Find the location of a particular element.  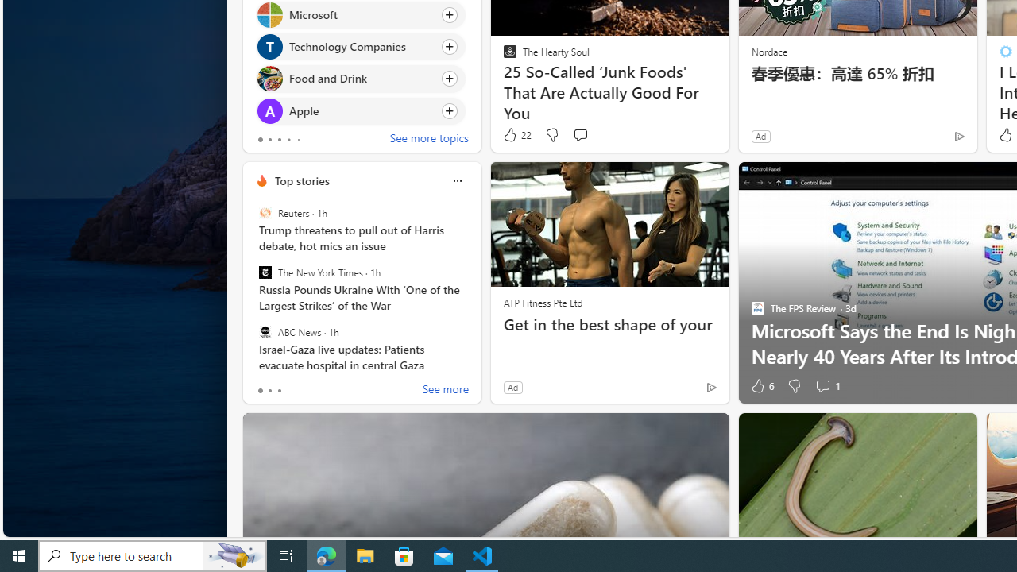

'ATP Fitness Pte Ltd' is located at coordinates (543, 302).